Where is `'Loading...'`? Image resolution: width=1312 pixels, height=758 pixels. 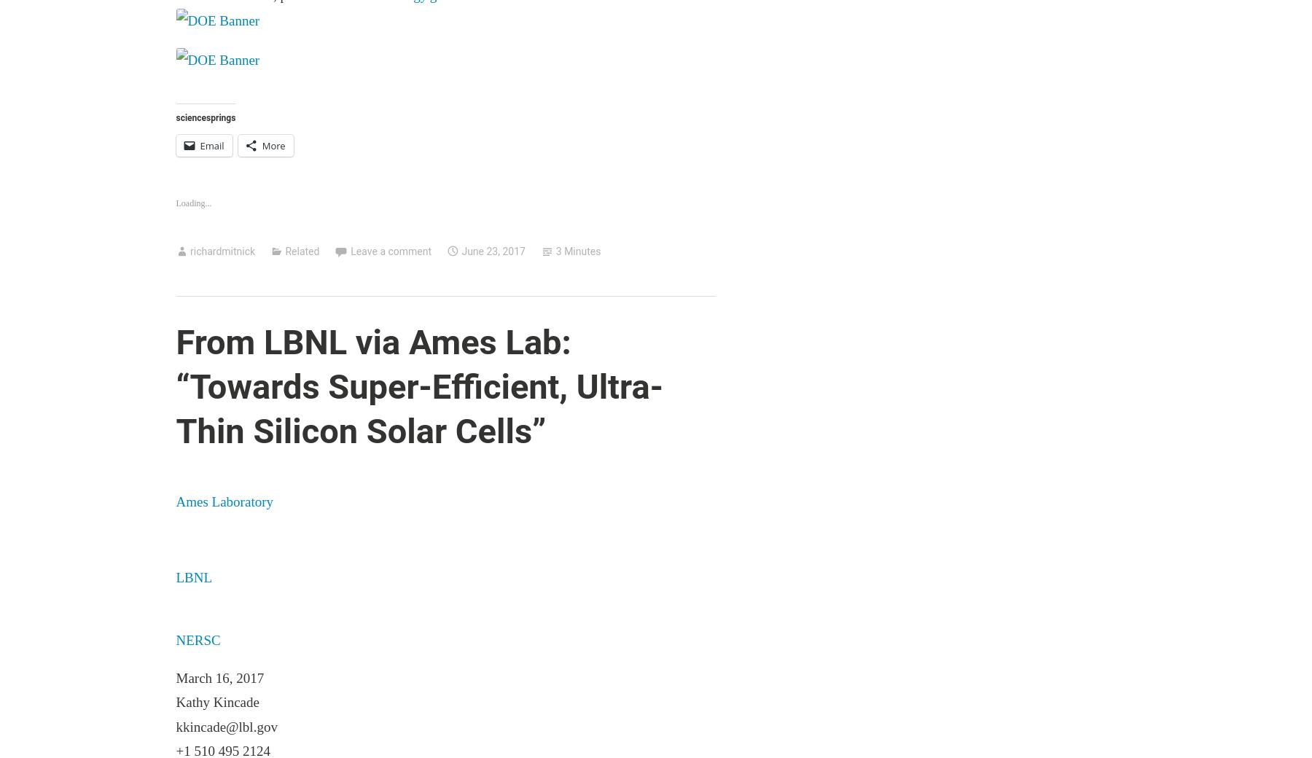 'Loading...' is located at coordinates (192, 203).